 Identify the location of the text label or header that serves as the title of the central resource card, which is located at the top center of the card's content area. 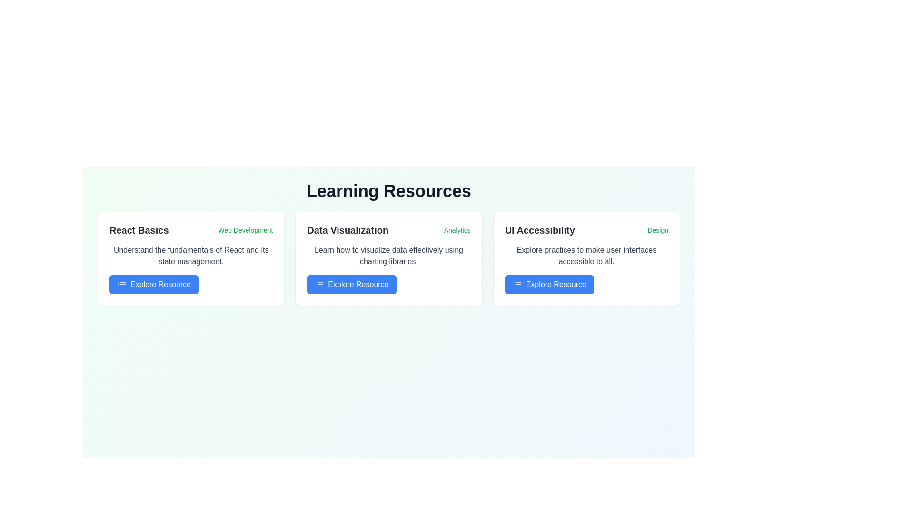
(347, 230).